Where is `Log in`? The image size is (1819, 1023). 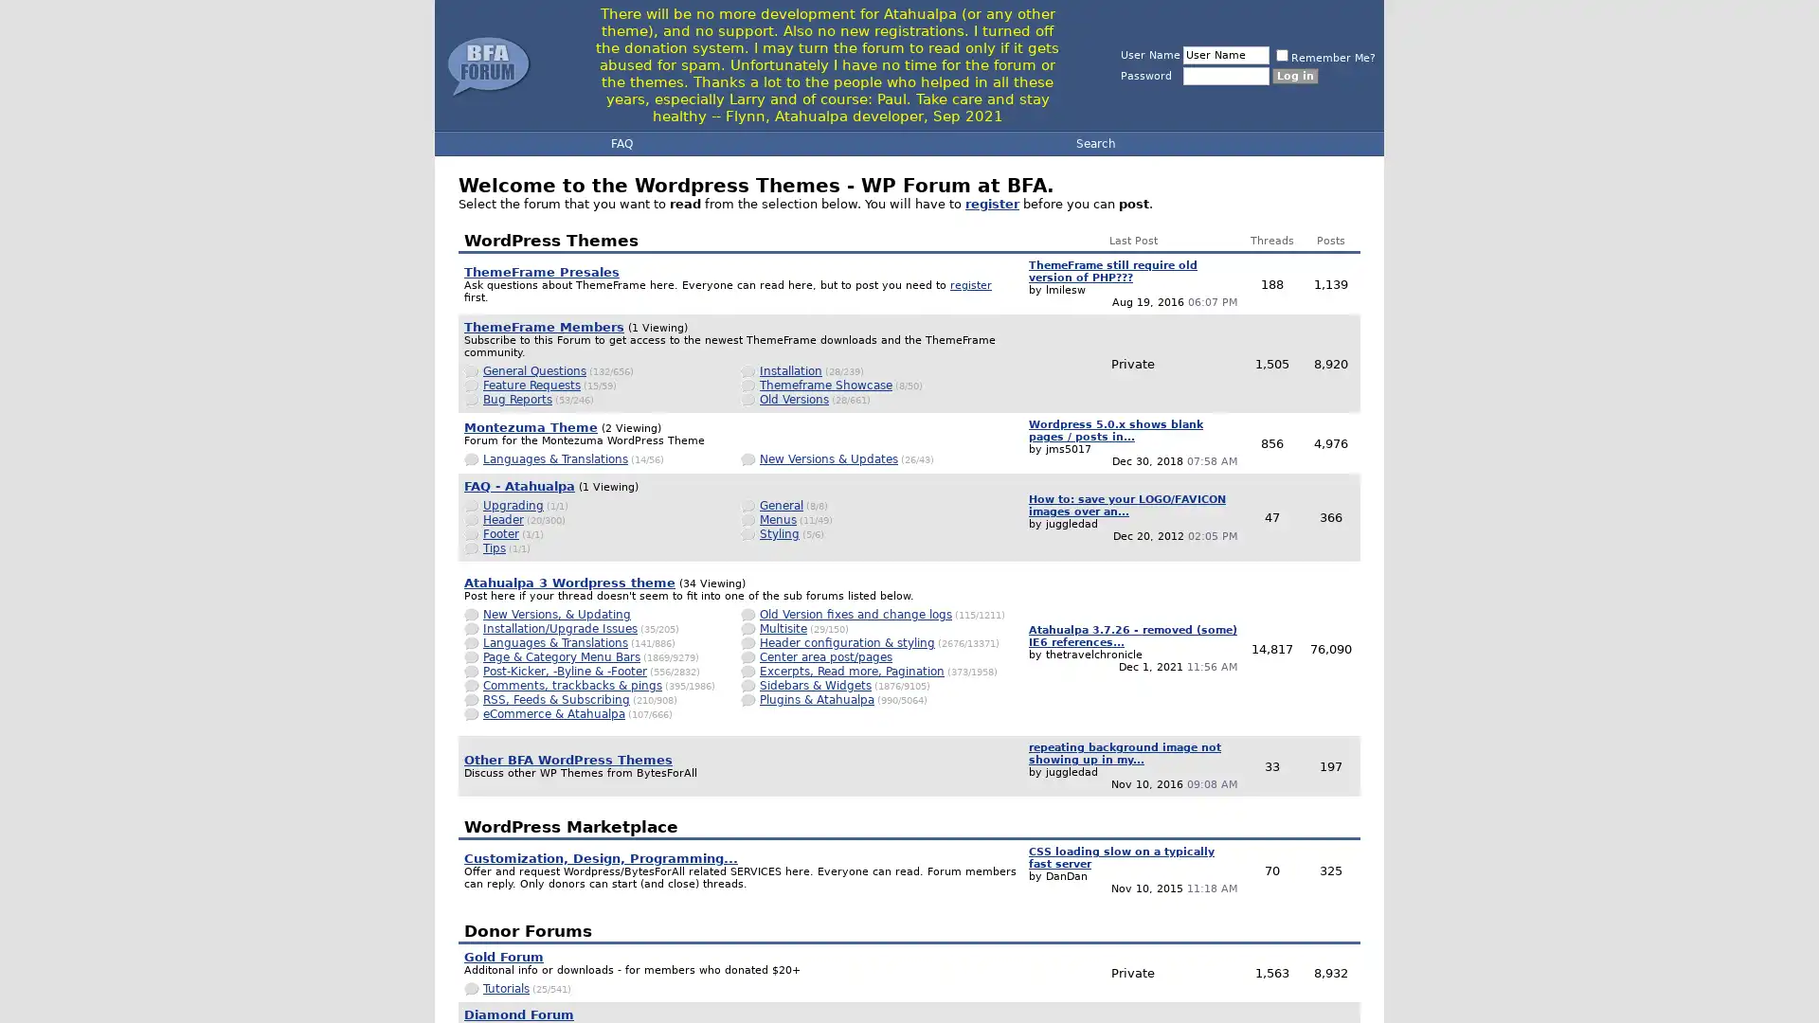
Log in is located at coordinates (1294, 74).